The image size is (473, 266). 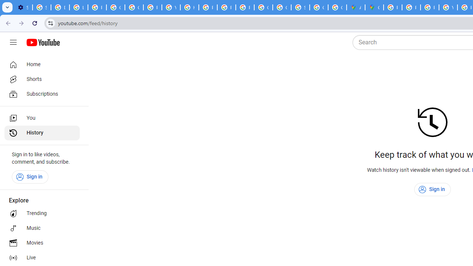 I want to click on 'Shorts', so click(x=41, y=79).